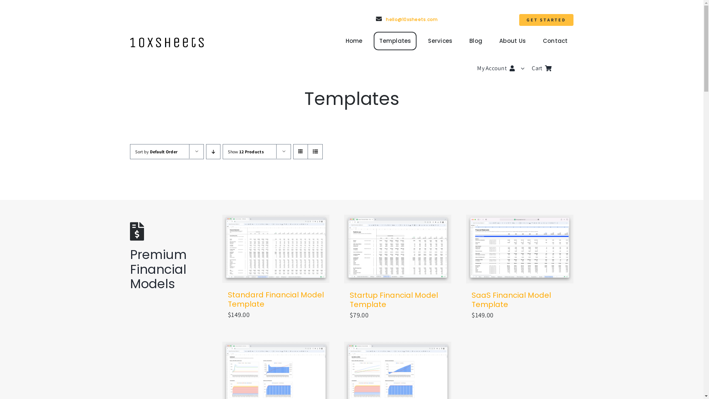 The image size is (709, 399). Describe the element at coordinates (407, 19) in the screenshot. I see `'hello@10xsheets.com'` at that location.